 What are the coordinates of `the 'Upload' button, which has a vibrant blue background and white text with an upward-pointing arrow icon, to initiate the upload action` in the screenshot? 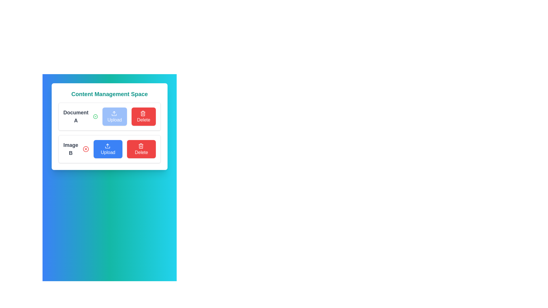 It's located at (108, 149).